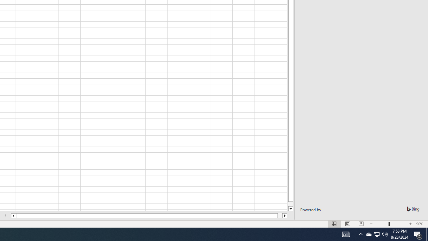 The height and width of the screenshot is (241, 428). What do you see at coordinates (381, 224) in the screenshot?
I see `'Zoom Out'` at bounding box center [381, 224].